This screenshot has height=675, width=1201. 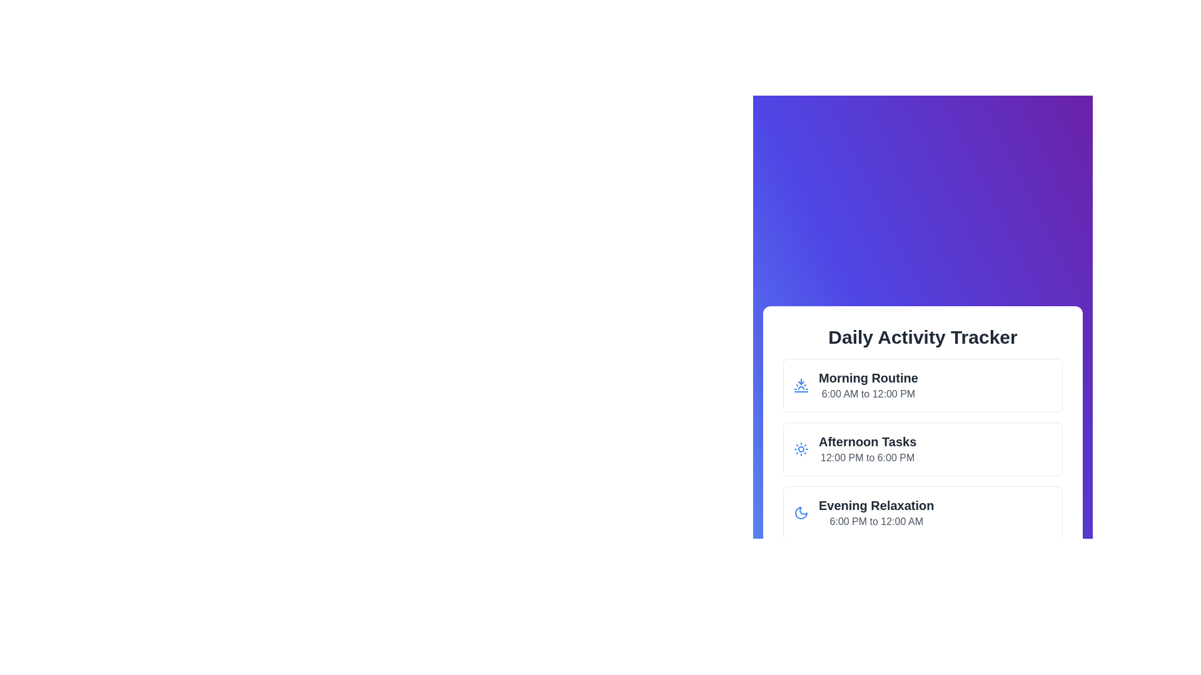 I want to click on the text label component that serves as a header for the 'Afternoon Tasks' section, located above the text '12:00 PM to 6:00 PM', so click(x=867, y=441).